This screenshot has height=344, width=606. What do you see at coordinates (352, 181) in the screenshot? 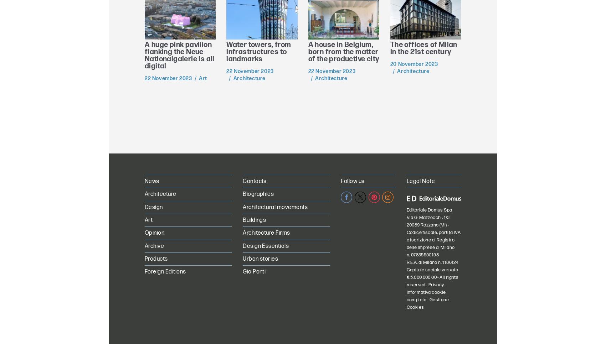
I see `'Follow us'` at bounding box center [352, 181].